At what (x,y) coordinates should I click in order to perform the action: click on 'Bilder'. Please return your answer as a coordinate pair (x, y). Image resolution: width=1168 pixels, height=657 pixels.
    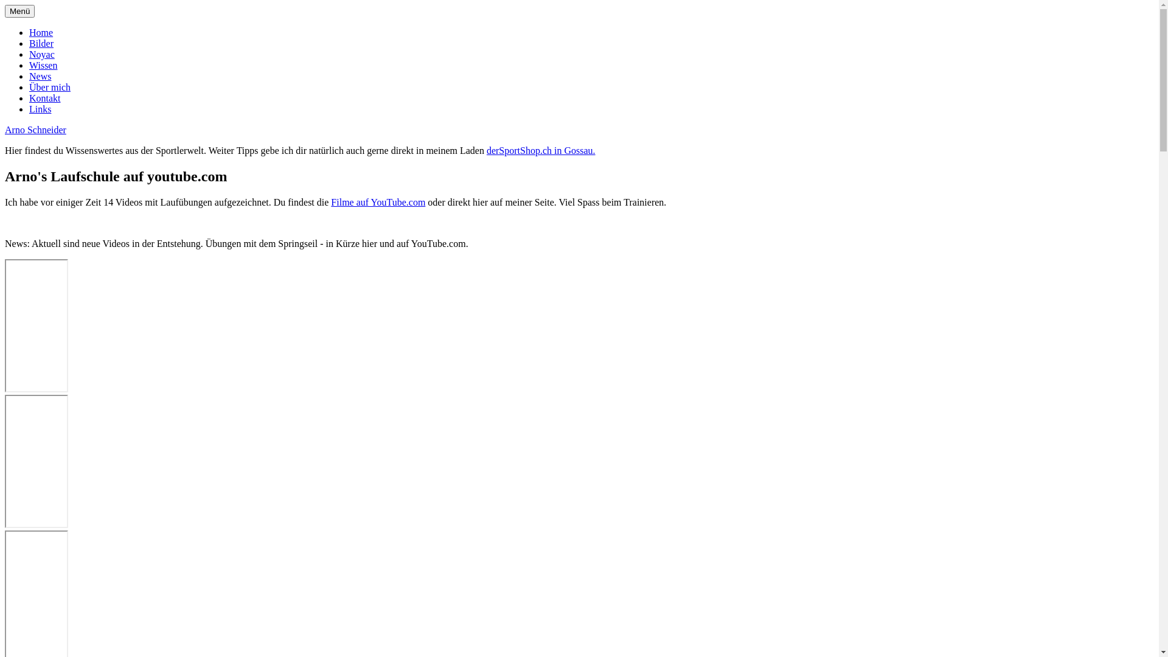
    Looking at the image, I should click on (41, 43).